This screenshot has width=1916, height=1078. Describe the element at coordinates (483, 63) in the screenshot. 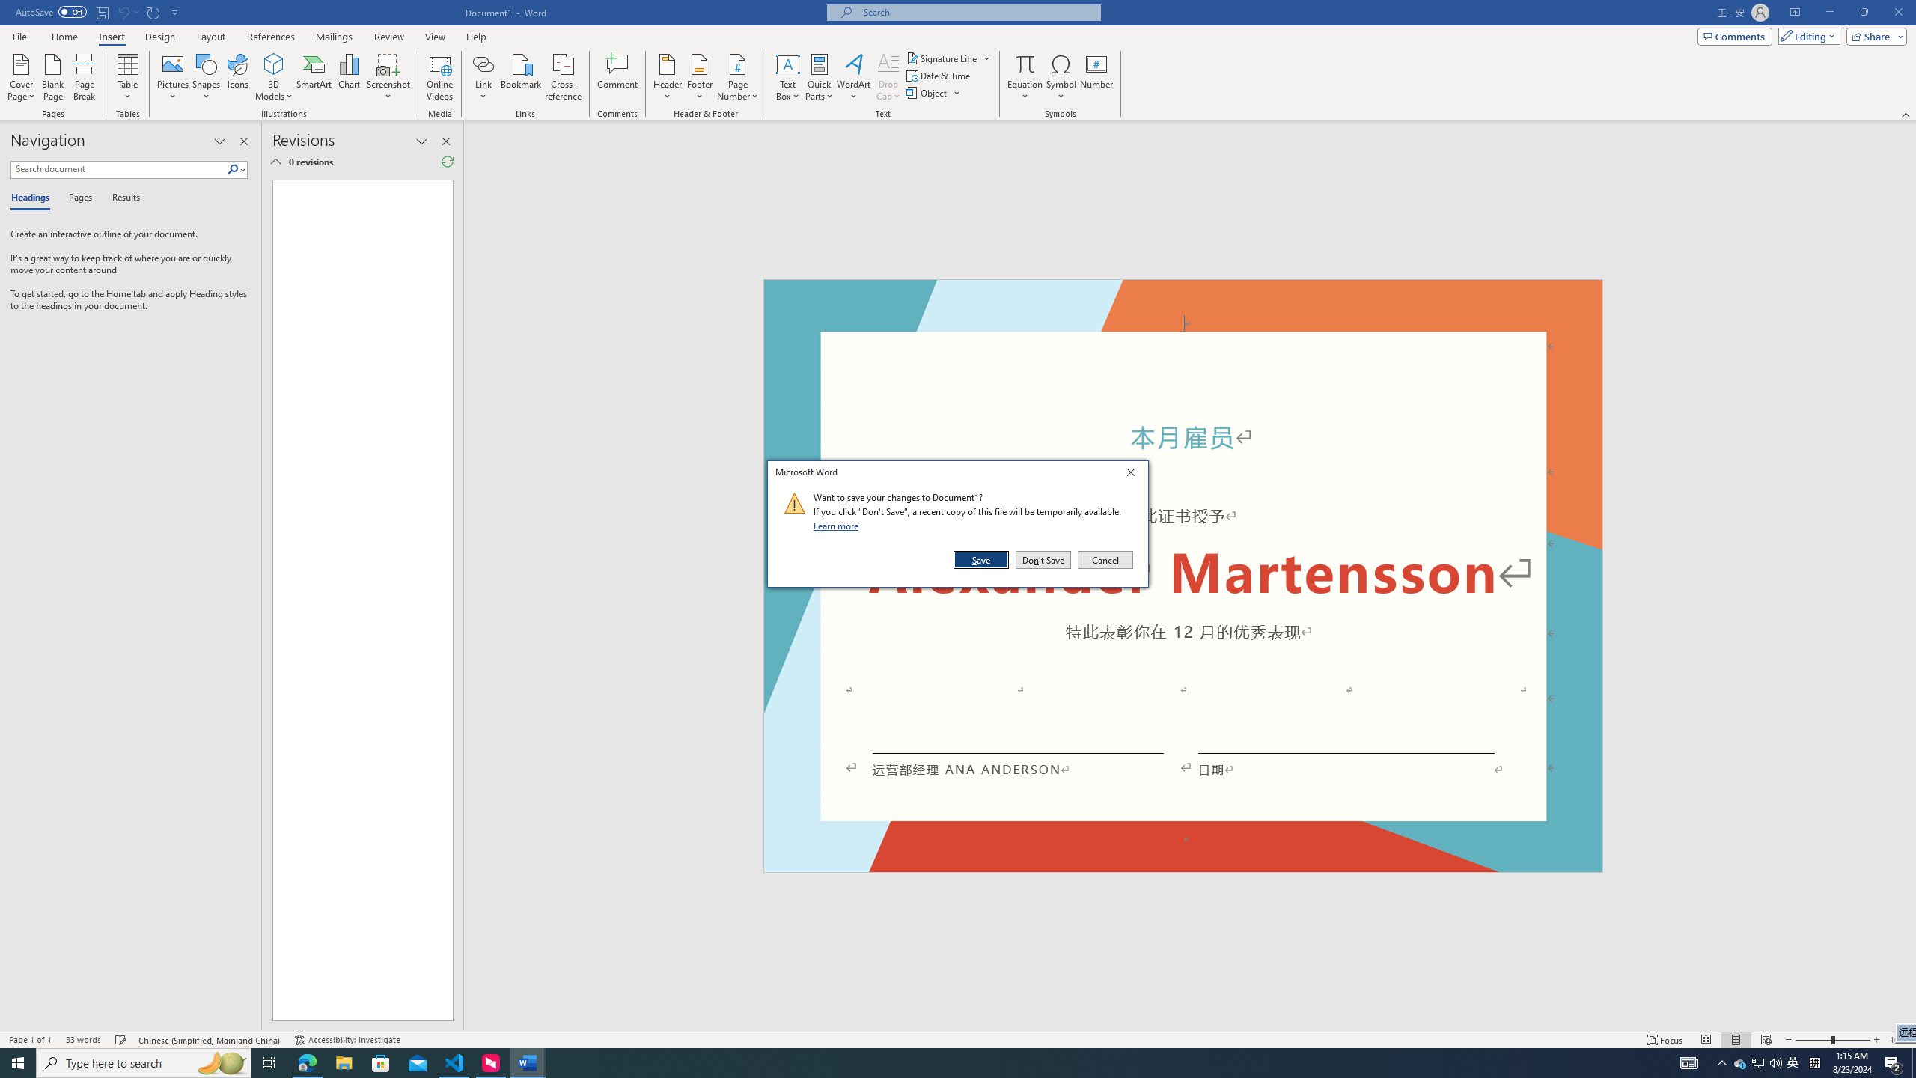

I see `'Link'` at that location.